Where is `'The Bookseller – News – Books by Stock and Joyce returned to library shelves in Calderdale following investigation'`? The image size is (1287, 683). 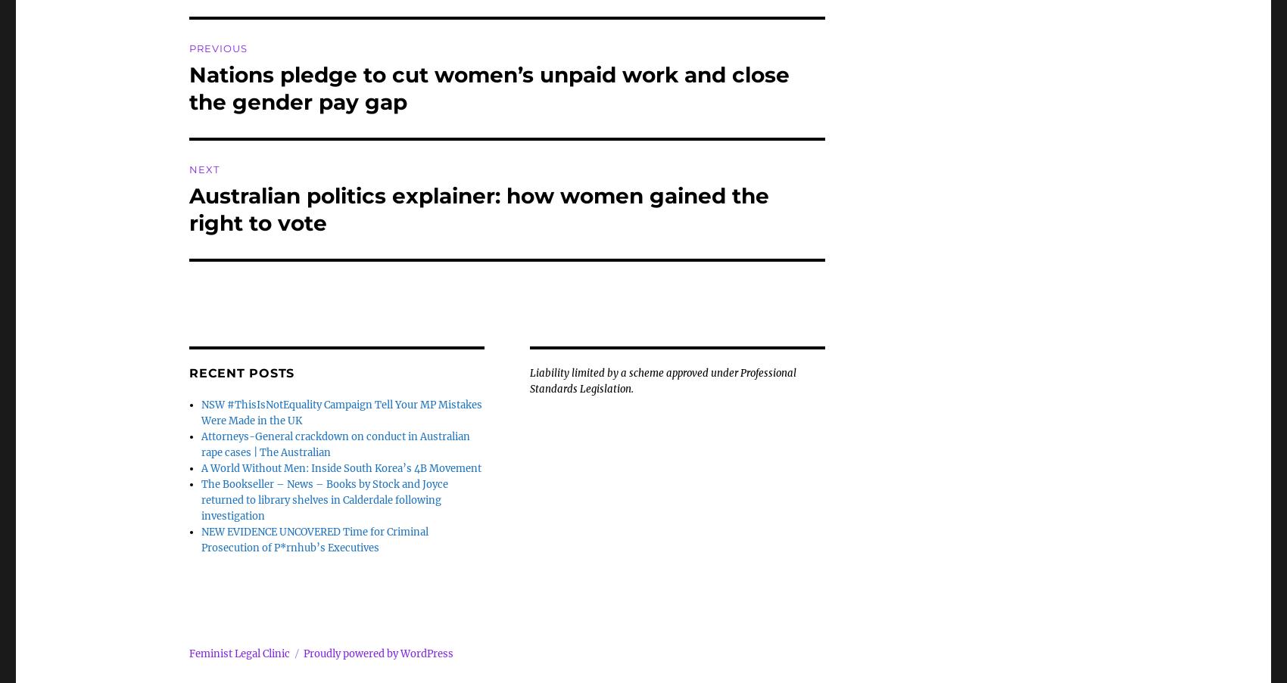 'The Bookseller – News – Books by Stock and Joyce returned to library shelves in Calderdale following investigation' is located at coordinates (325, 499).